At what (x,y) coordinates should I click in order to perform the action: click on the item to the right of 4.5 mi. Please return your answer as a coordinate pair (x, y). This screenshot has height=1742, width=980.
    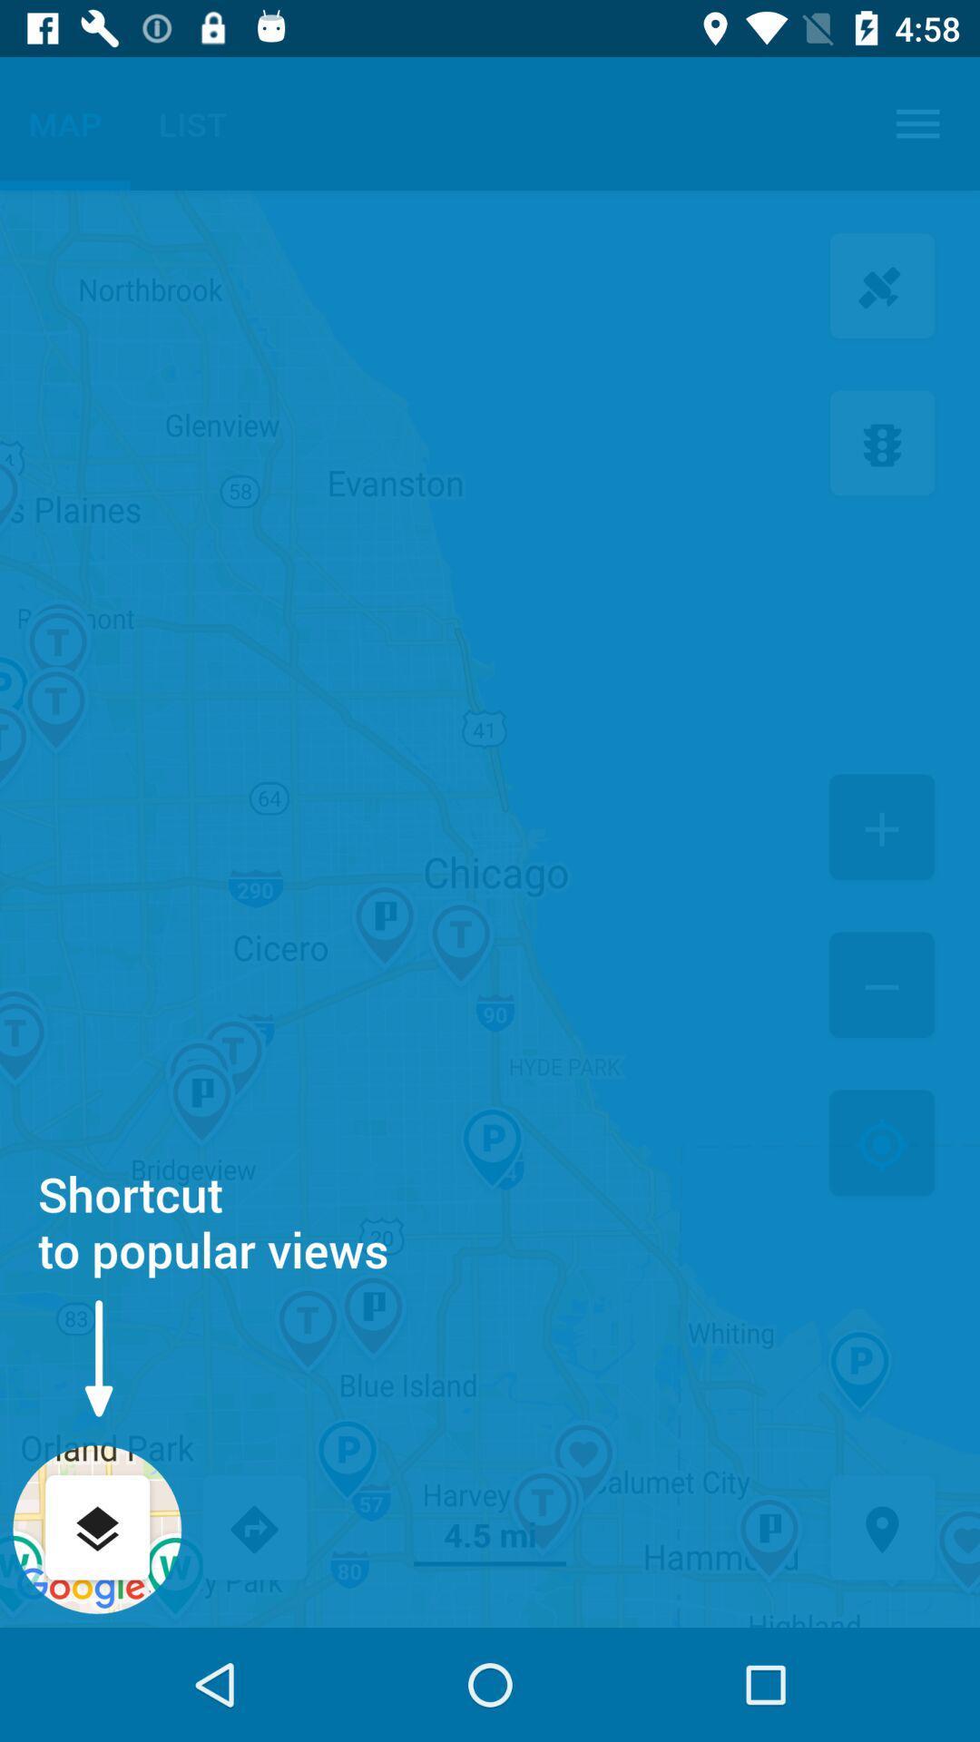
    Looking at the image, I should click on (881, 1529).